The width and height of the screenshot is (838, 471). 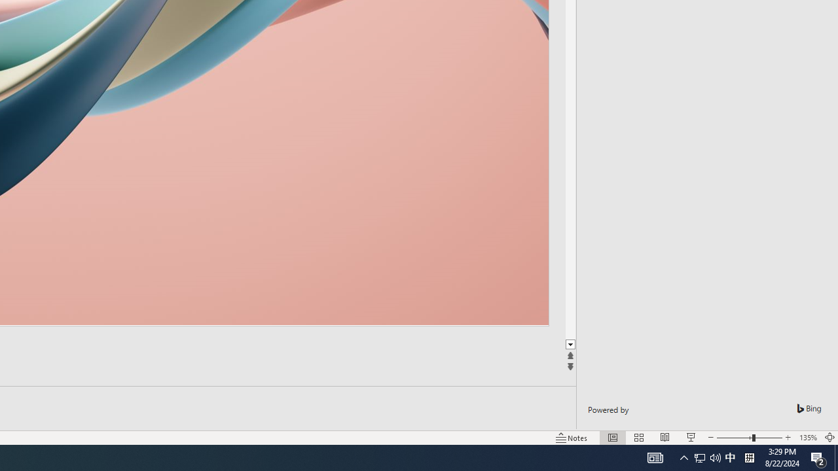 I want to click on 'Zoom 135%', so click(x=807, y=438).